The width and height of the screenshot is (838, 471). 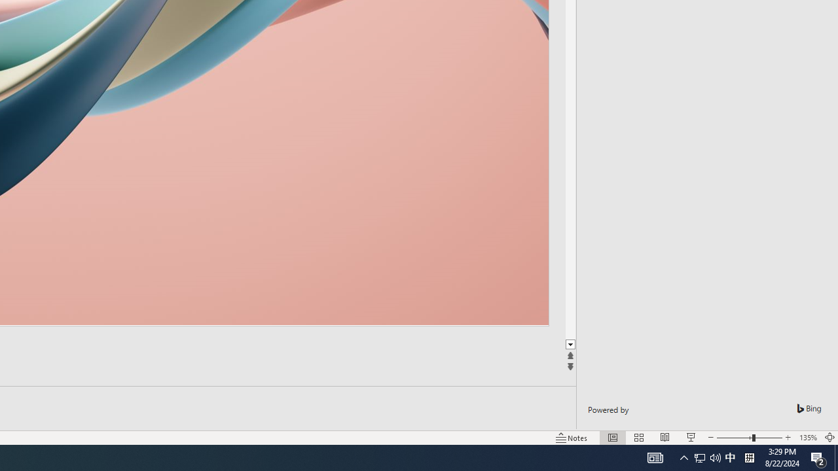 I want to click on 'Zoom 135%', so click(x=807, y=438).